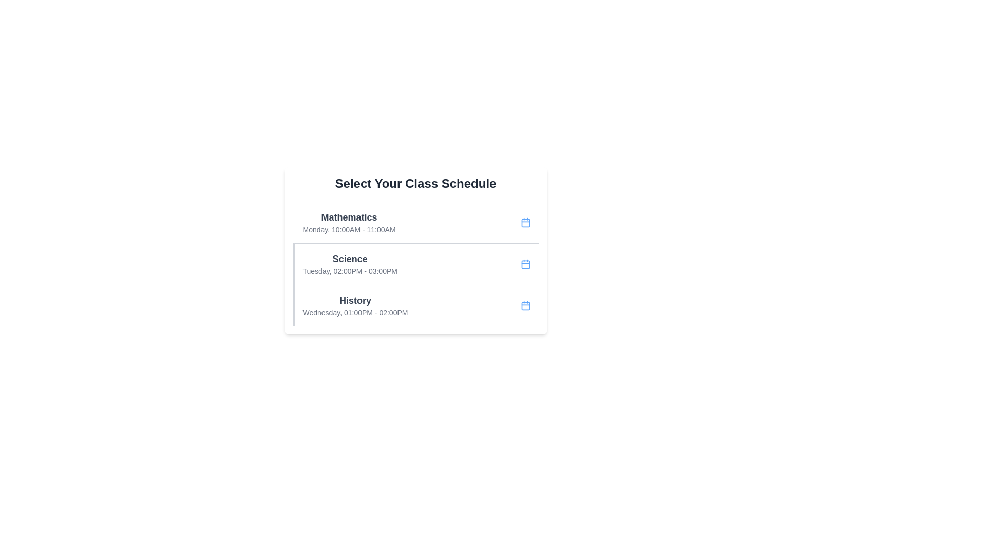 This screenshot has height=554, width=986. What do you see at coordinates (349, 229) in the screenshot?
I see `the text label displaying the schedule time 'Monday, 10:00AM - 11:00AM', which is styled in a smaller font size and gray color, located below the 'Mathematics' title in the schedule list` at bounding box center [349, 229].